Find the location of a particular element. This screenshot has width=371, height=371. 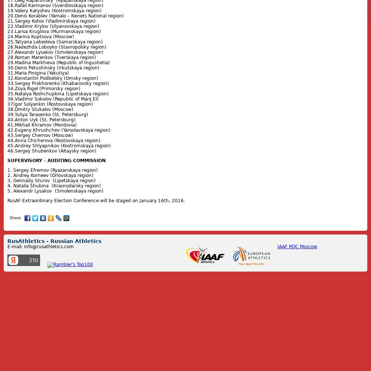

'29.Madina Markhieva (Republic of Ingushetia)' is located at coordinates (7, 63).